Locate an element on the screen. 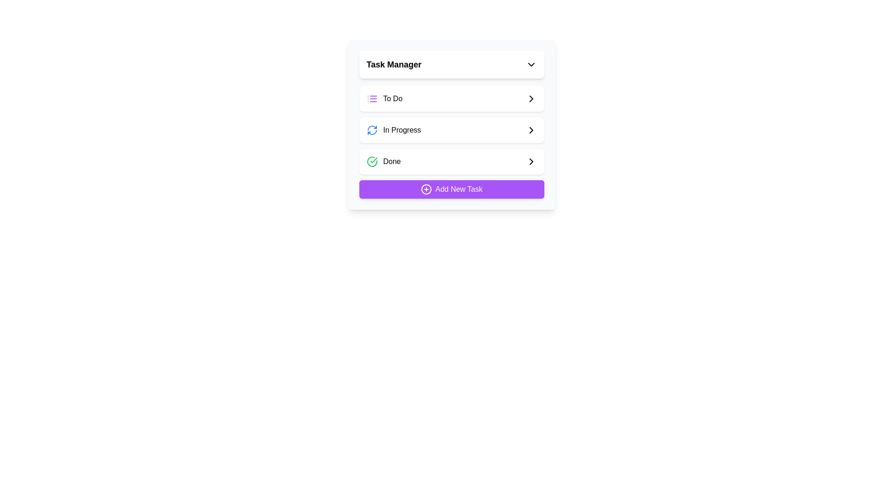 The width and height of the screenshot is (888, 499). the right-pointing chevron icon located next to the 'Done' section in the third row of the task status list is located at coordinates (531, 98).